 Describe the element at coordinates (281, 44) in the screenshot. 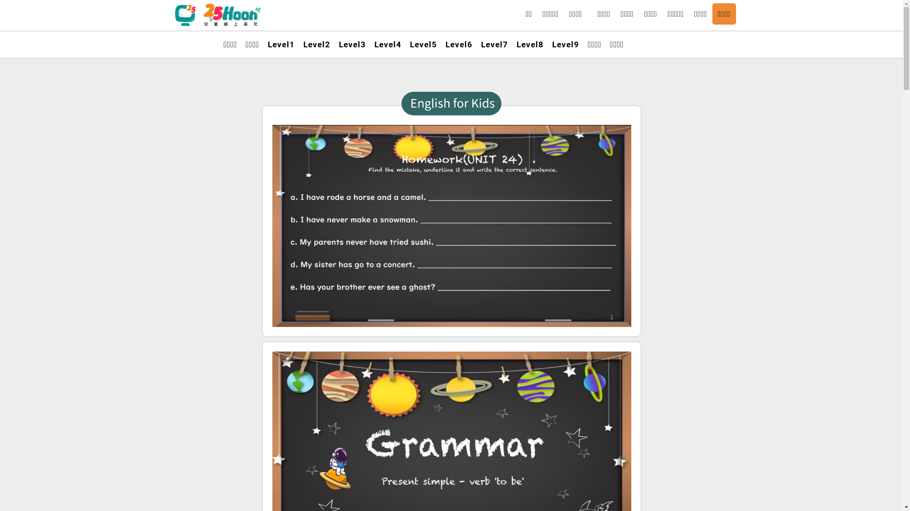

I see `'Level1'` at that location.